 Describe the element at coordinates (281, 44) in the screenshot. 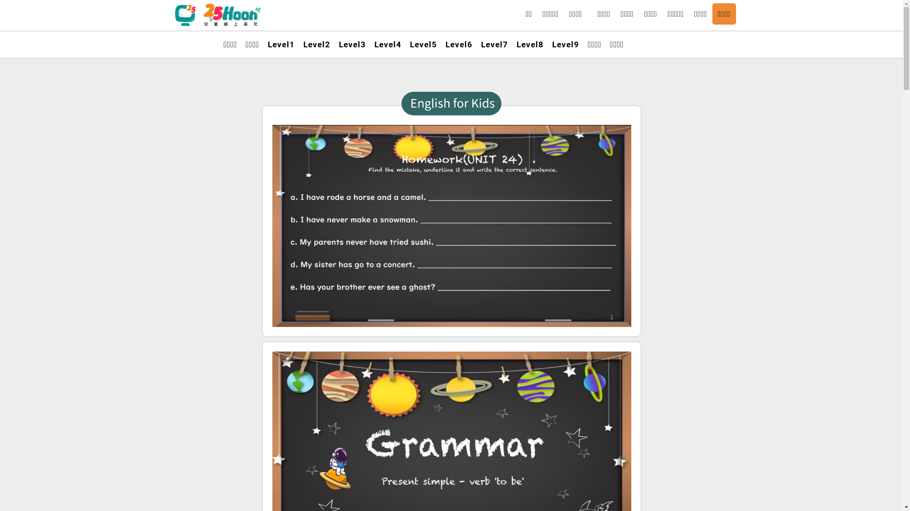

I see `'Level1'` at that location.